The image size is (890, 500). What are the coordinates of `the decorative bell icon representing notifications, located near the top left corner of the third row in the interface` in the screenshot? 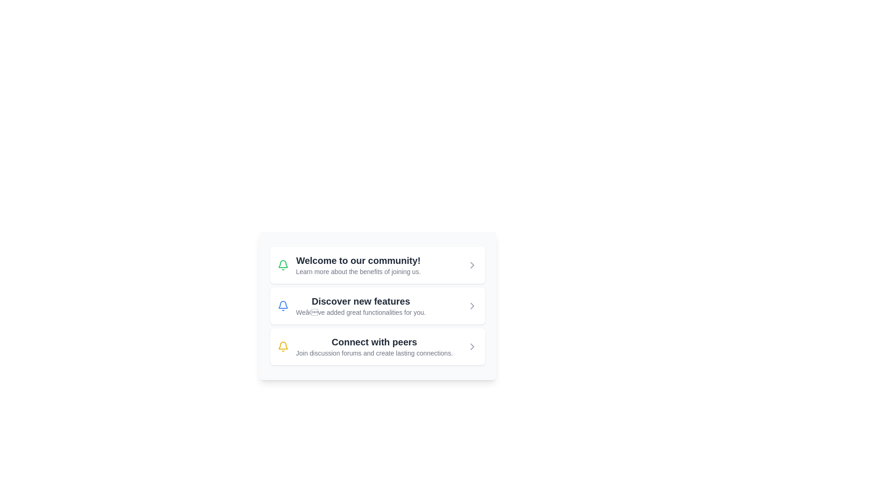 It's located at (282, 305).